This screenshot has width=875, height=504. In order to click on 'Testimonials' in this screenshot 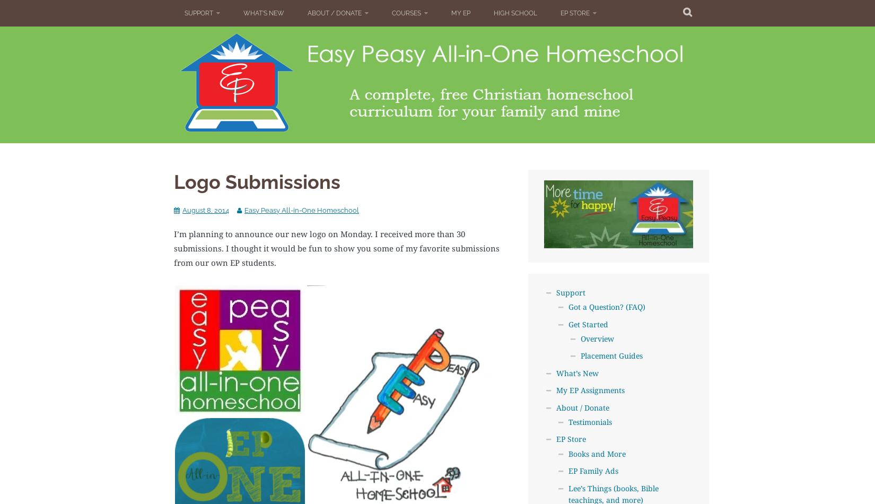, I will do `click(589, 421)`.